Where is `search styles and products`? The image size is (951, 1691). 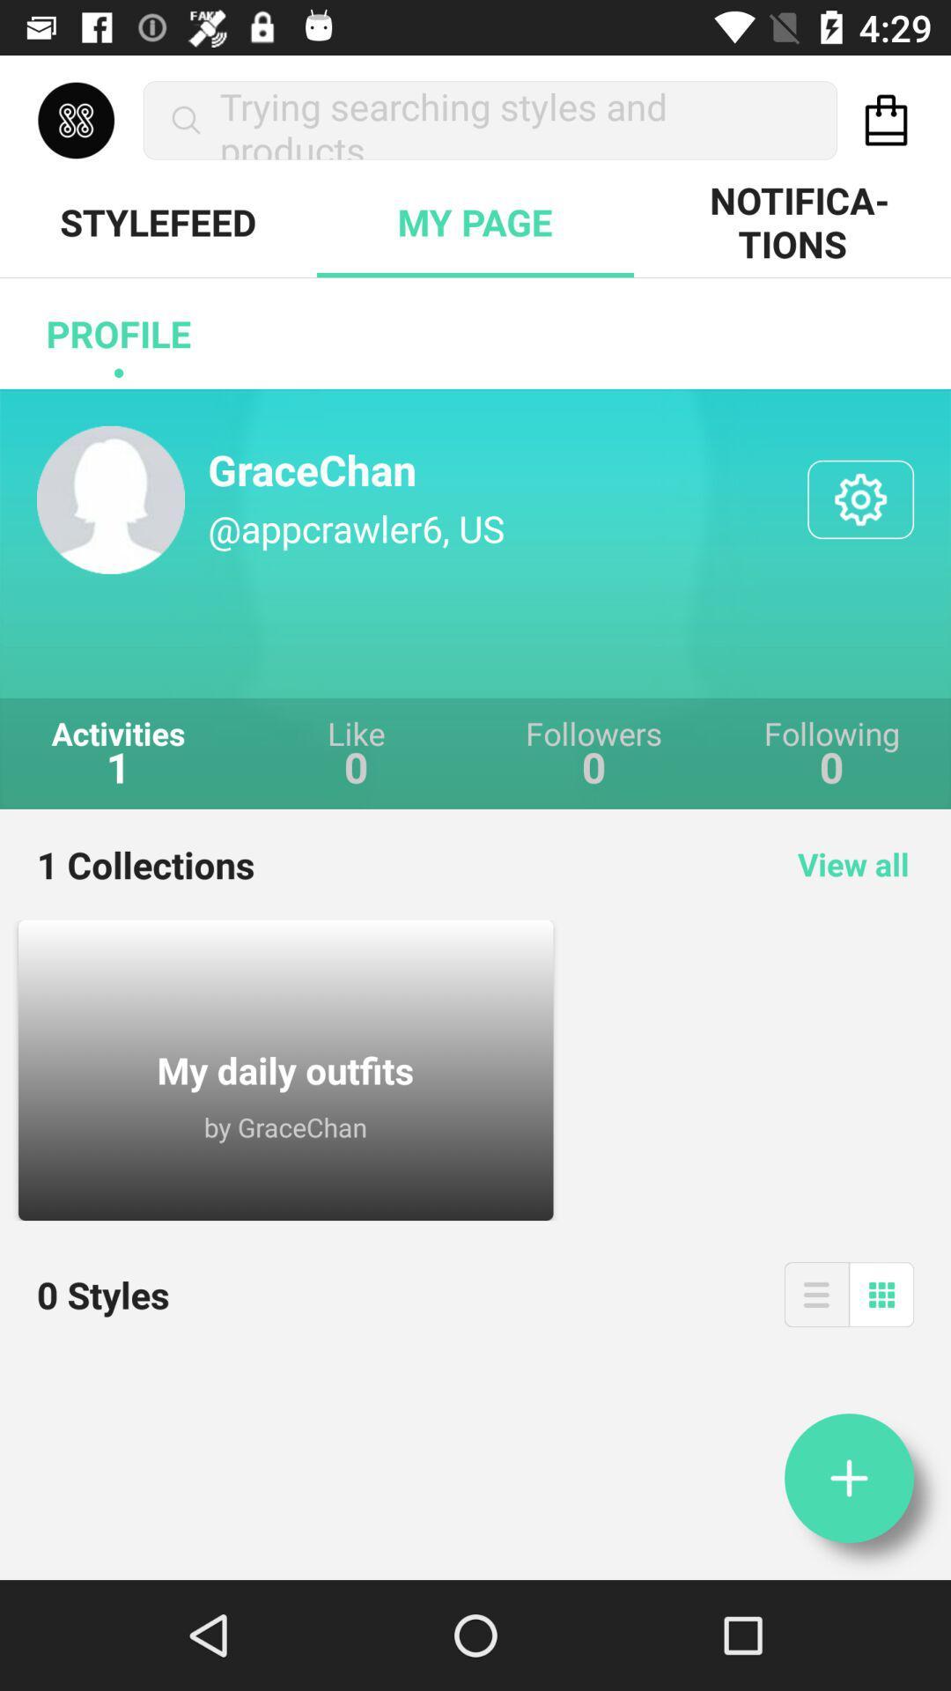
search styles and products is located at coordinates (886, 119).